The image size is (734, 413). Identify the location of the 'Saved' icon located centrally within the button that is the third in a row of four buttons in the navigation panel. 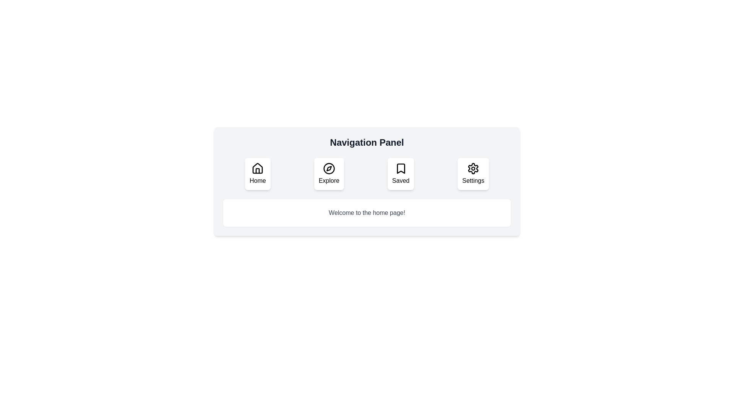
(400, 168).